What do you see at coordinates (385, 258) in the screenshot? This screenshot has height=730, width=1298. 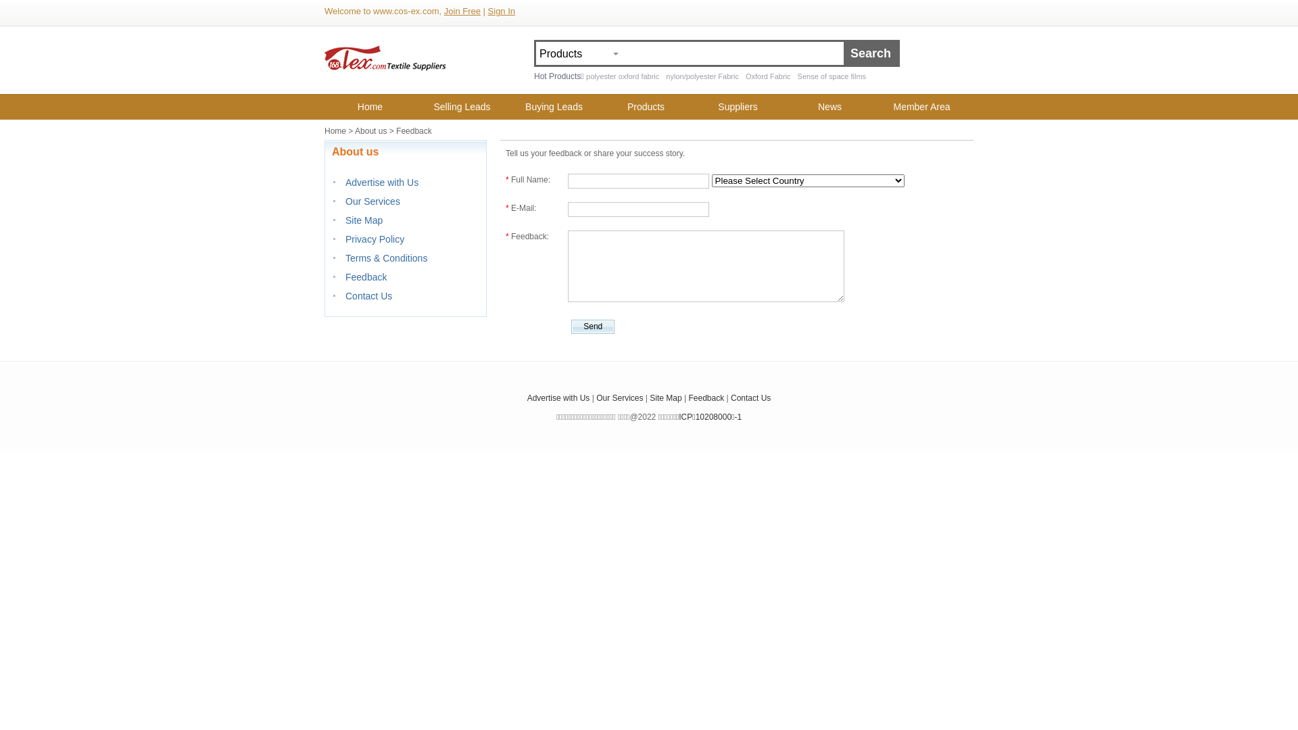 I see `'Terms & Conditions'` at bounding box center [385, 258].